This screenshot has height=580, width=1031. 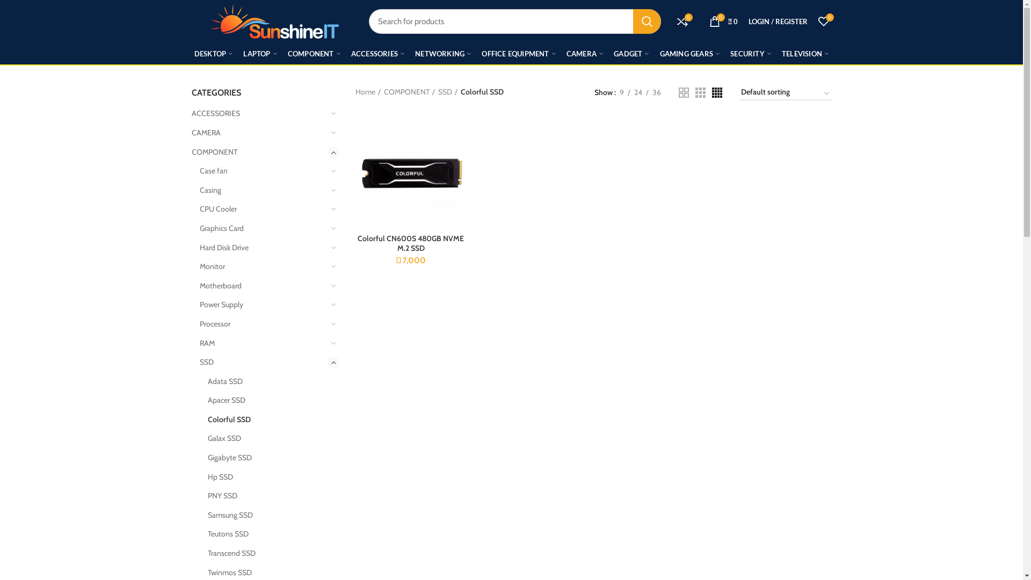 What do you see at coordinates (258, 153) in the screenshot?
I see `'COMPONENT'` at bounding box center [258, 153].